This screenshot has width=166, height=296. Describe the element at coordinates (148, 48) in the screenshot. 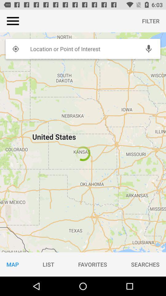

I see `the microphone icon` at that location.